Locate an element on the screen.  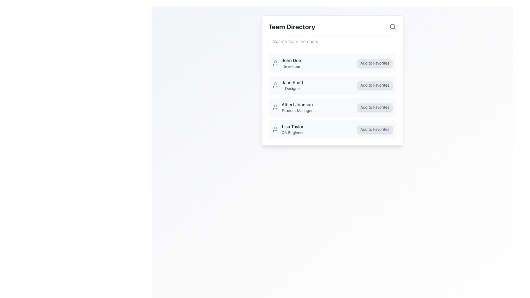
the content of the Text Display element showing 'Jane Smith' and 'Designer', which is located in the second row of the team directory list is located at coordinates (293, 85).